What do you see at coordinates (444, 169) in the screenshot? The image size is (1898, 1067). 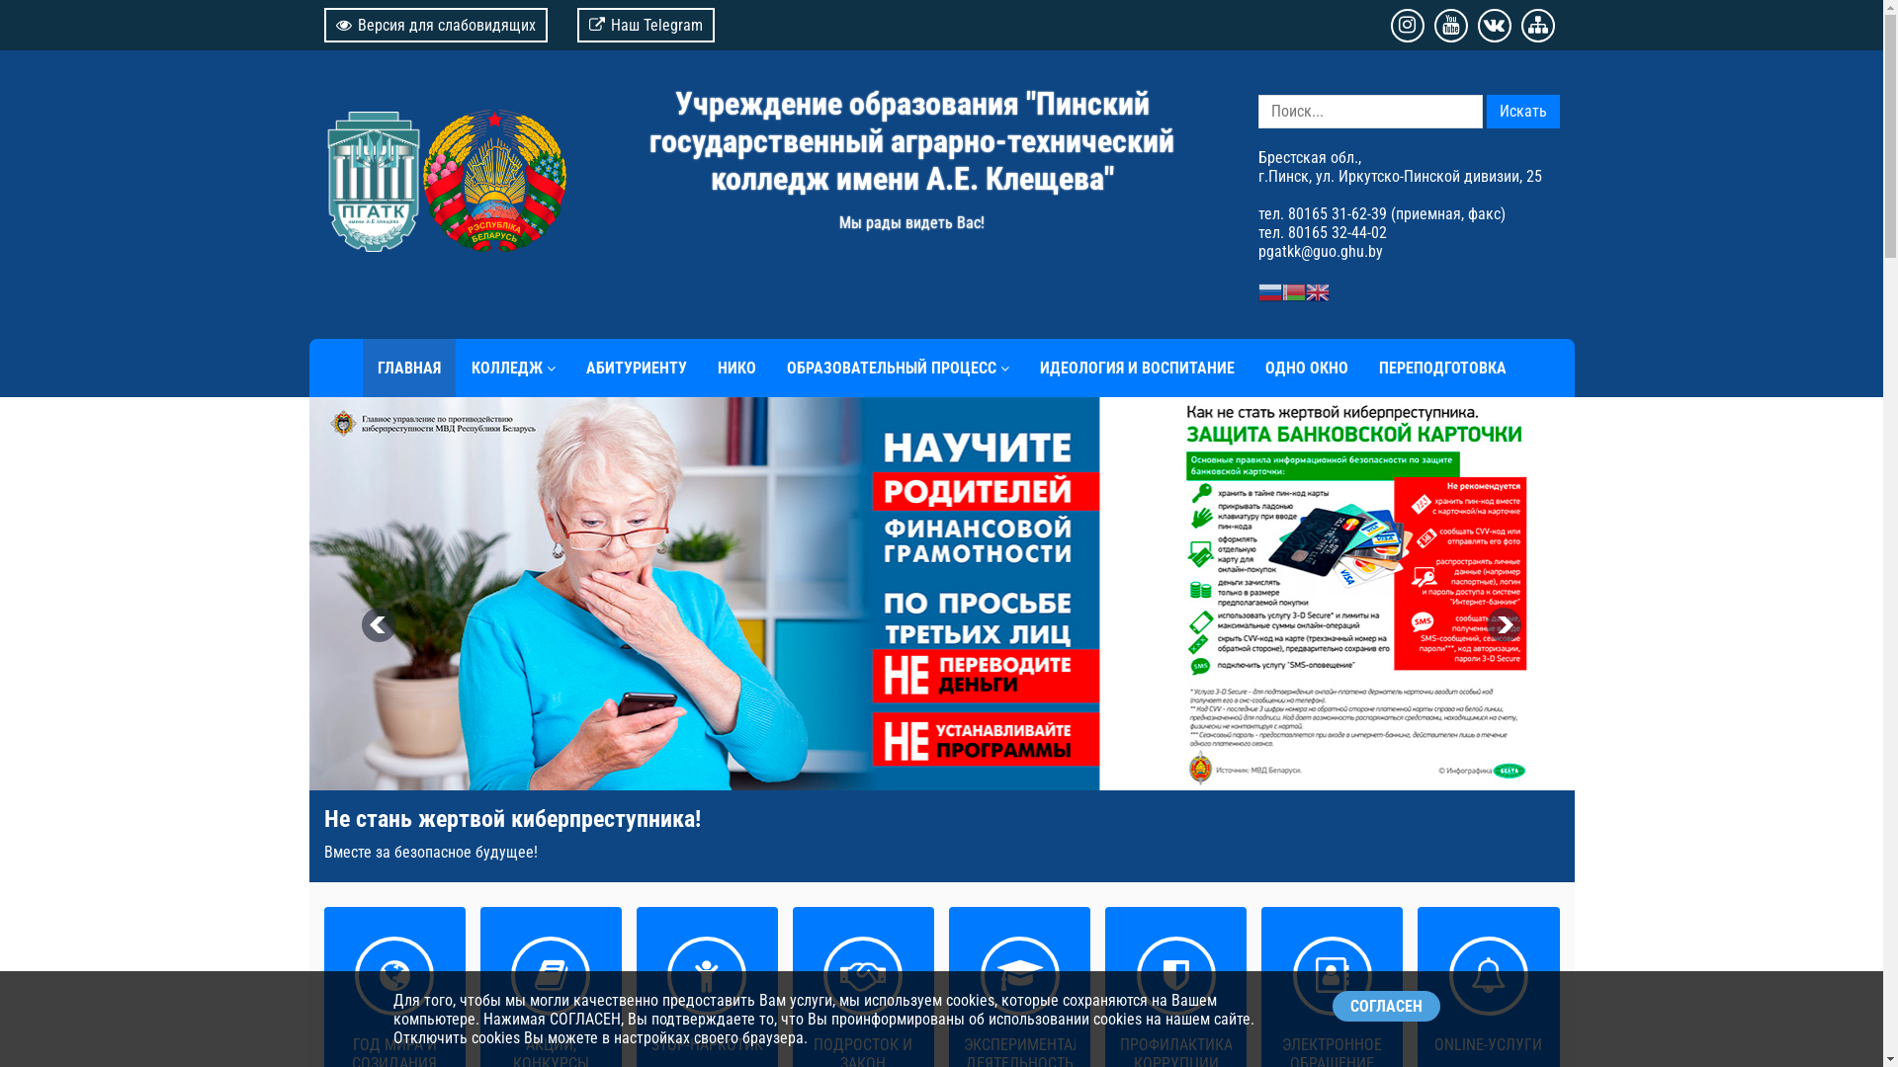 I see `' '` at bounding box center [444, 169].